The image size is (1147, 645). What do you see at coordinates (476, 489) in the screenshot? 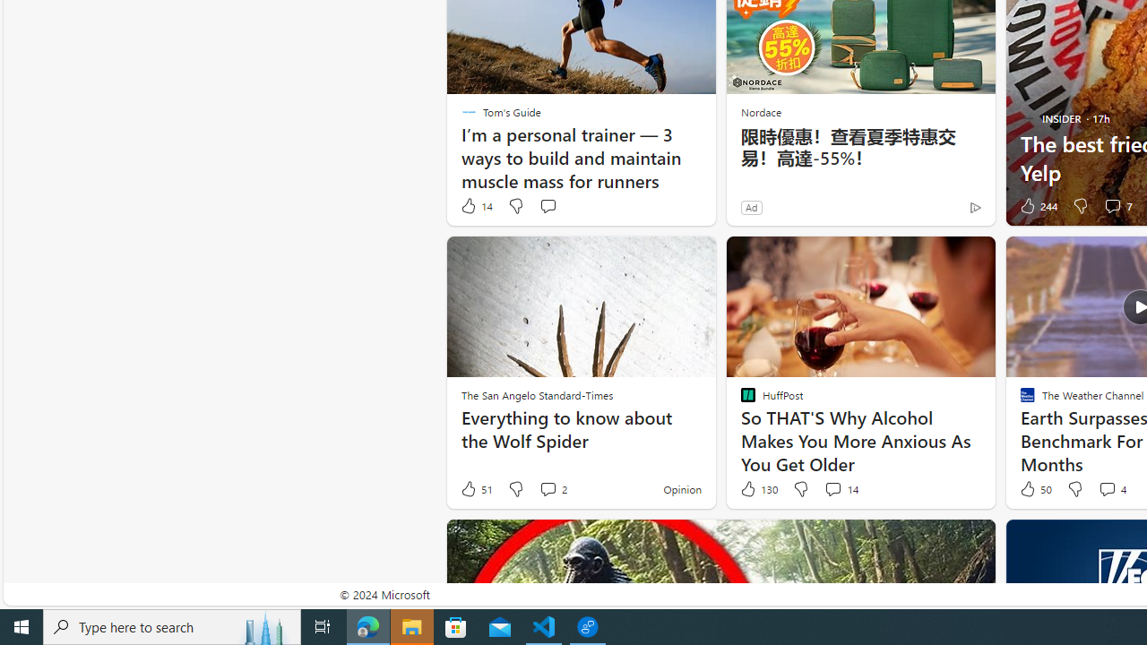
I see `'51 Like'` at bounding box center [476, 489].